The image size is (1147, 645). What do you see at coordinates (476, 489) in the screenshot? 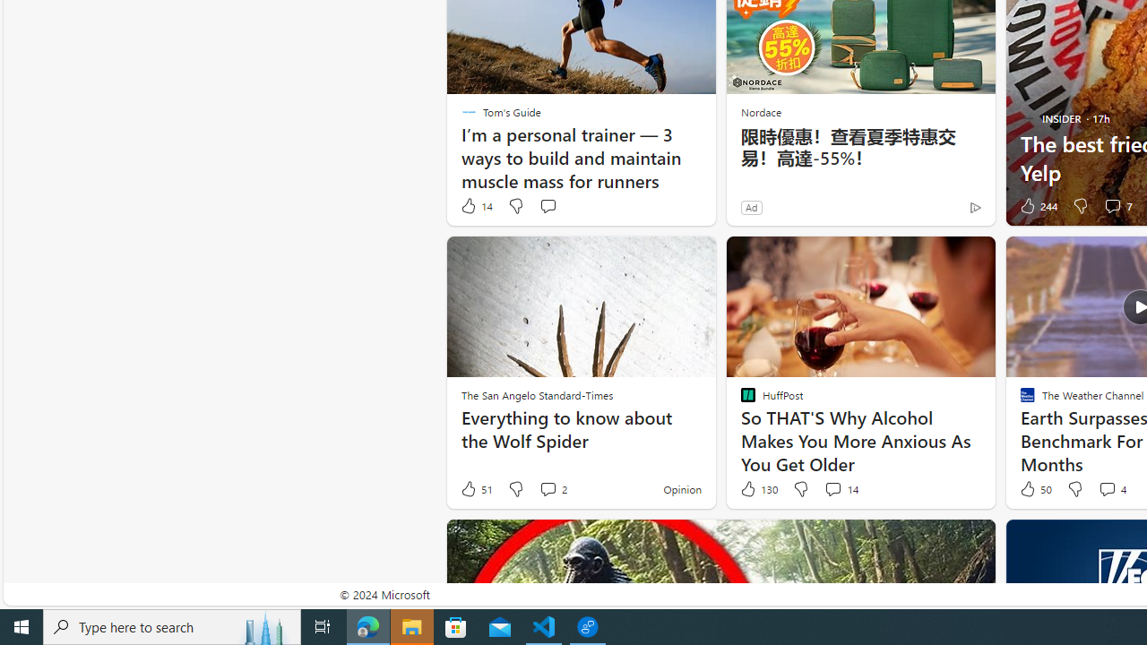
I see `'51 Like'` at bounding box center [476, 489].